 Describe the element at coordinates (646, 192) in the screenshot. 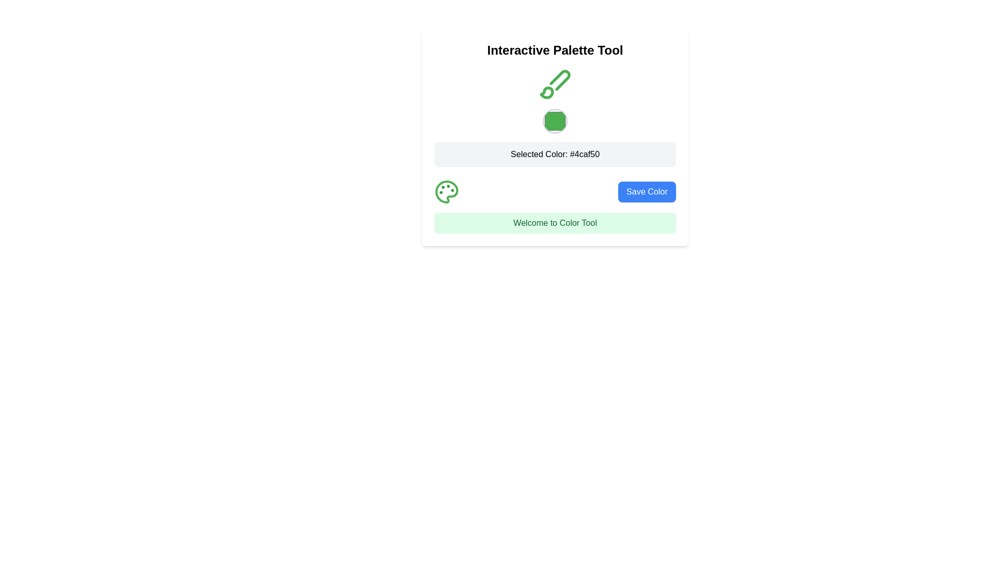

I see `the rectangular blue button labeled 'Save Color'` at that location.